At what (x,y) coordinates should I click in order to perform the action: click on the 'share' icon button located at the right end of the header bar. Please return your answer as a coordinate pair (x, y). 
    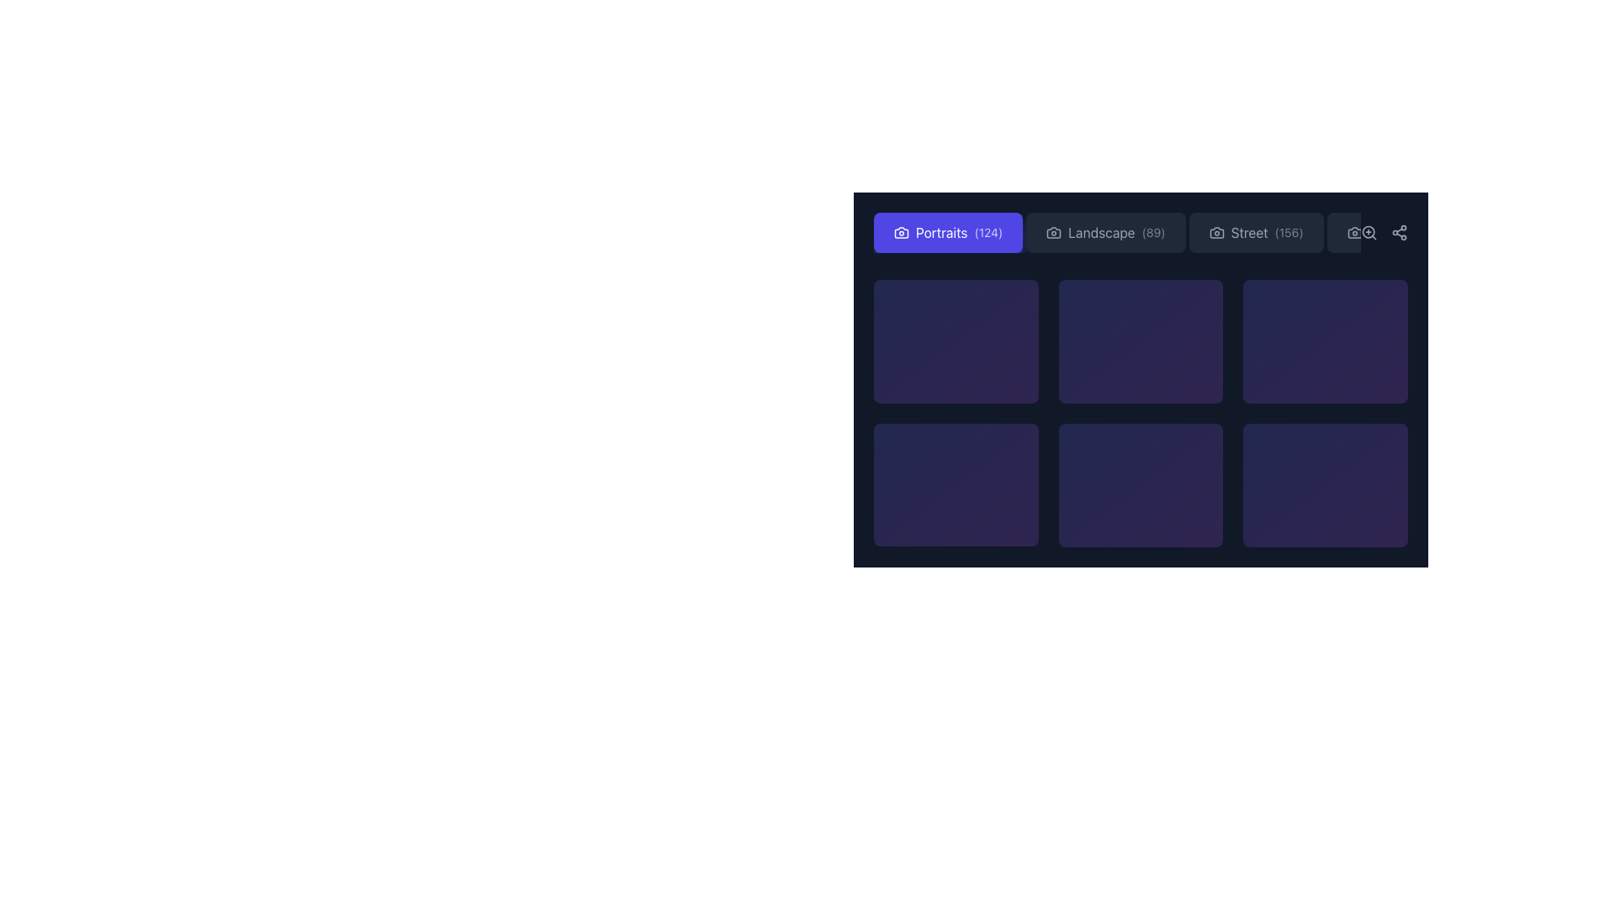
    Looking at the image, I should click on (1400, 233).